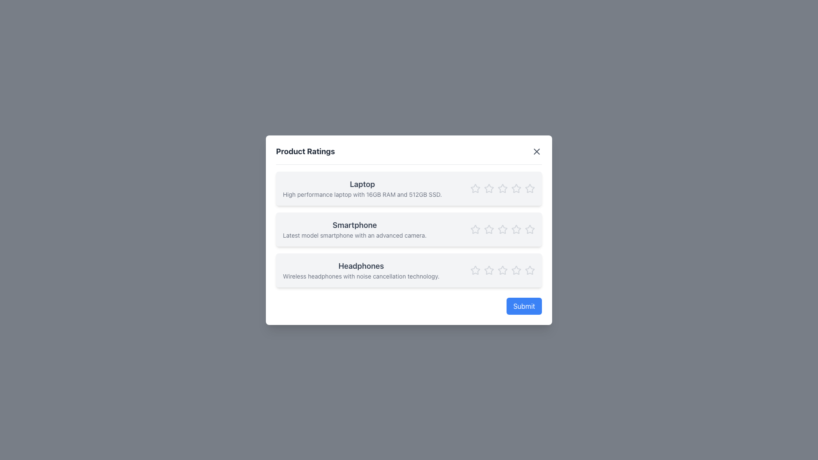 This screenshot has width=818, height=460. Describe the element at coordinates (489, 270) in the screenshot. I see `the third star icon in the rating system for the 'Headphones' category to denote a rating value` at that location.